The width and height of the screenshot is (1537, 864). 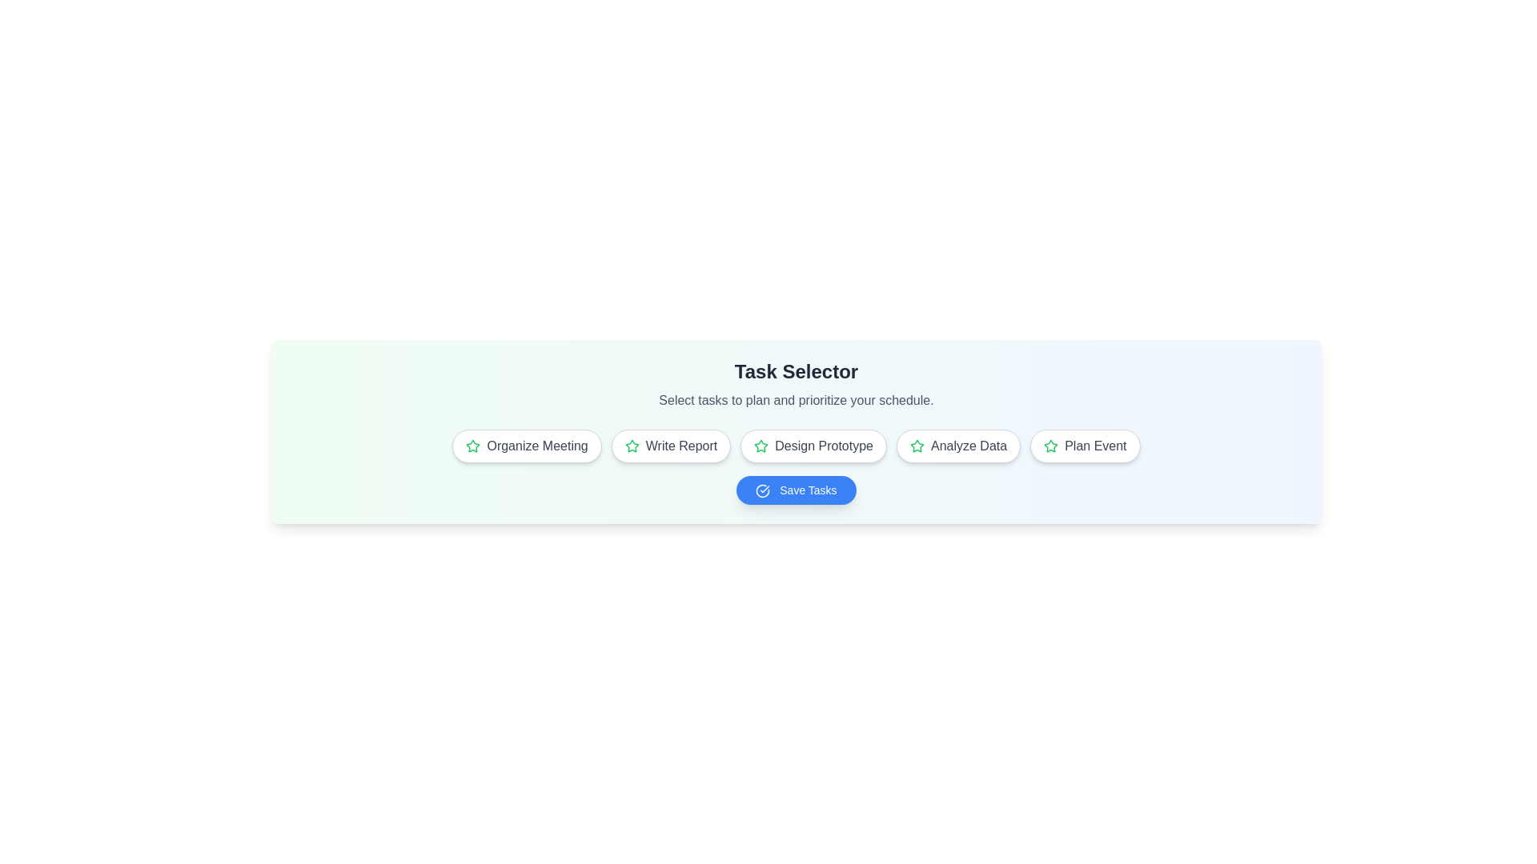 I want to click on the task Design Prototype to select it, so click(x=813, y=446).